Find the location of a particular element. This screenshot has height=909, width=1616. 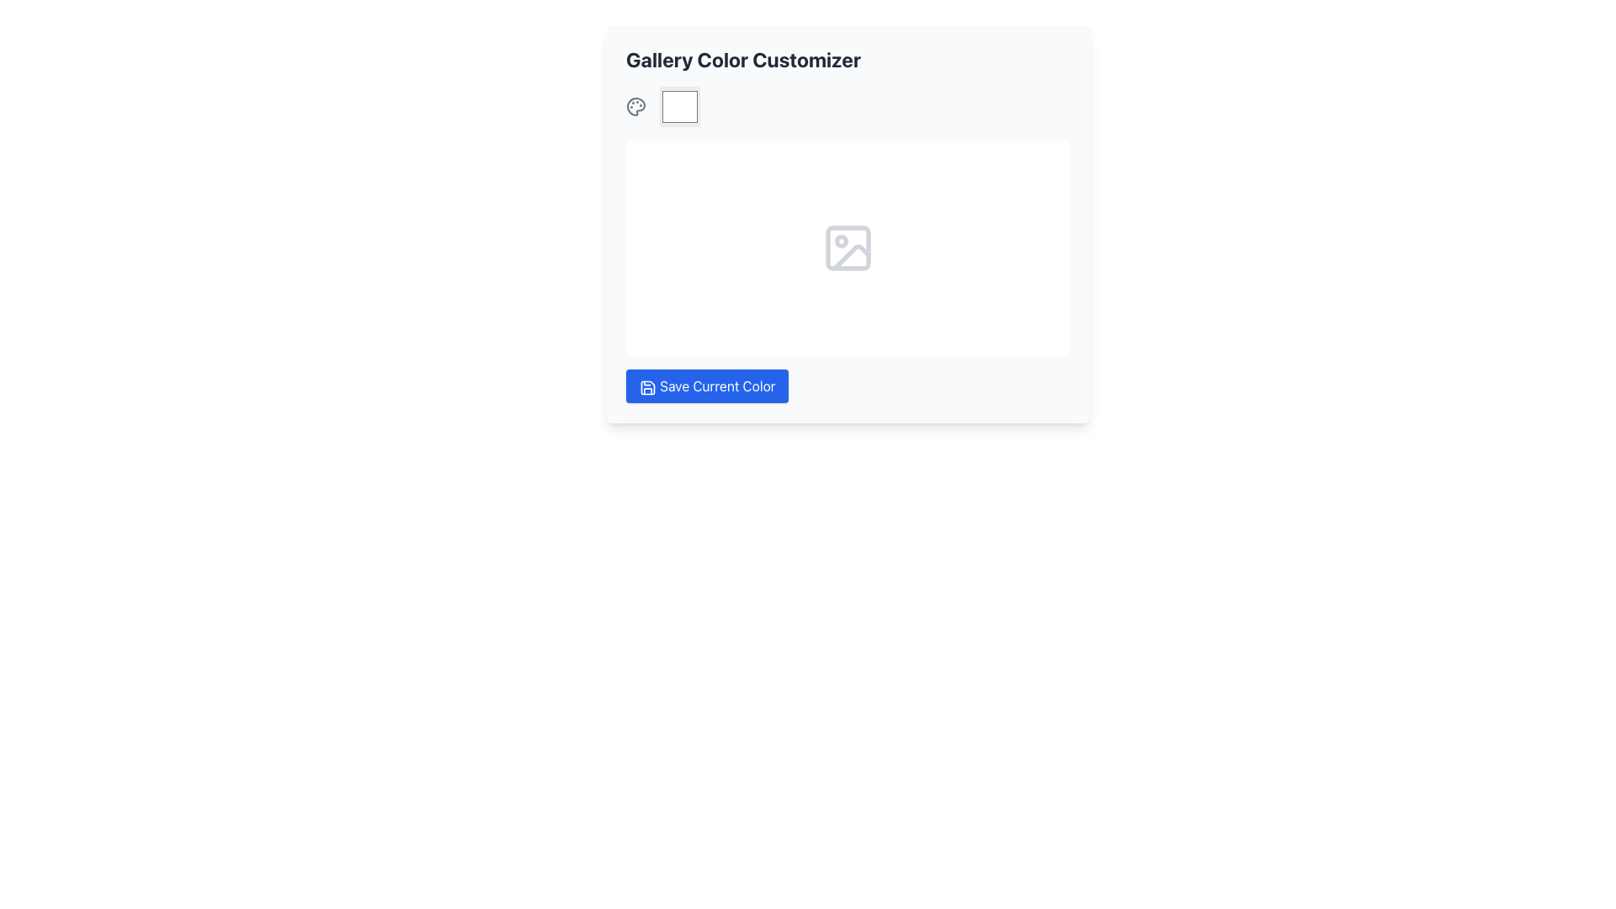

the image placeholder icon located in the middle of the main application interface, centered within a white rectangular area above the 'Save Current Color' button is located at coordinates (848, 247).